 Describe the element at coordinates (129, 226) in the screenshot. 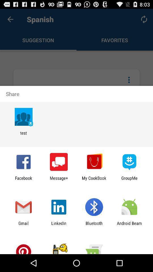

I see `the icon to the right of bluetooth` at that location.